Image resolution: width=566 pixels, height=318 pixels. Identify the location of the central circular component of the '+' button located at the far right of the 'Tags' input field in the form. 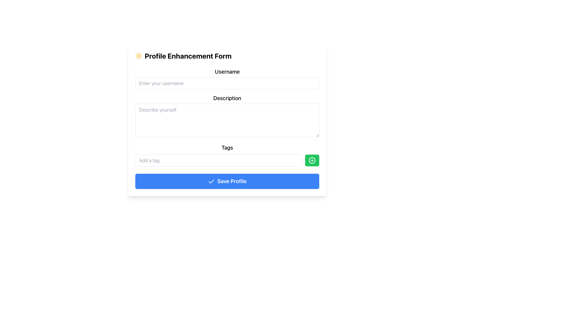
(312, 160).